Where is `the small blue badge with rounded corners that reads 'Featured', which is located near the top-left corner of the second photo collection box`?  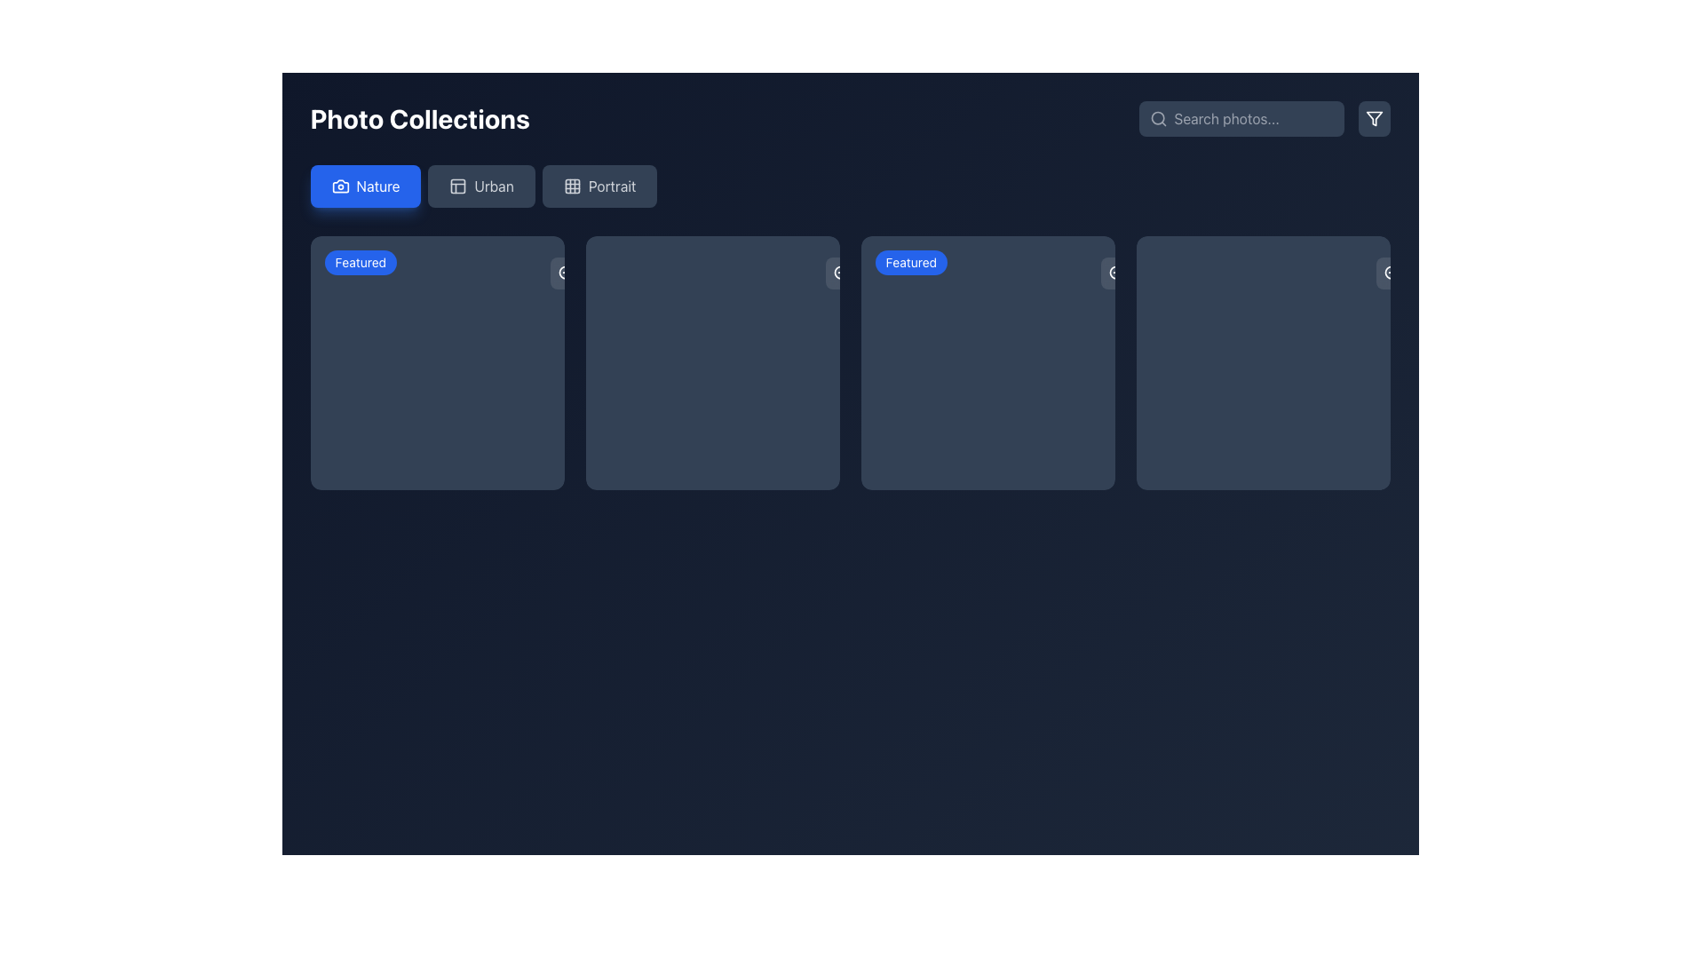 the small blue badge with rounded corners that reads 'Featured', which is located near the top-left corner of the second photo collection box is located at coordinates (911, 263).